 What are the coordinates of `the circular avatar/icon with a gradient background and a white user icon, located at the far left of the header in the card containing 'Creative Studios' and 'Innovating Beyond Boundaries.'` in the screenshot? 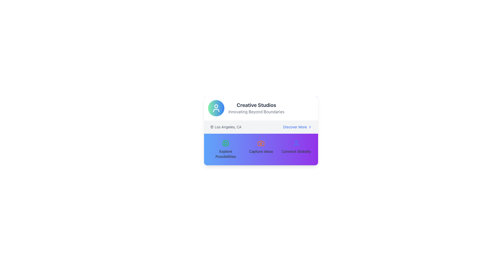 It's located at (216, 108).